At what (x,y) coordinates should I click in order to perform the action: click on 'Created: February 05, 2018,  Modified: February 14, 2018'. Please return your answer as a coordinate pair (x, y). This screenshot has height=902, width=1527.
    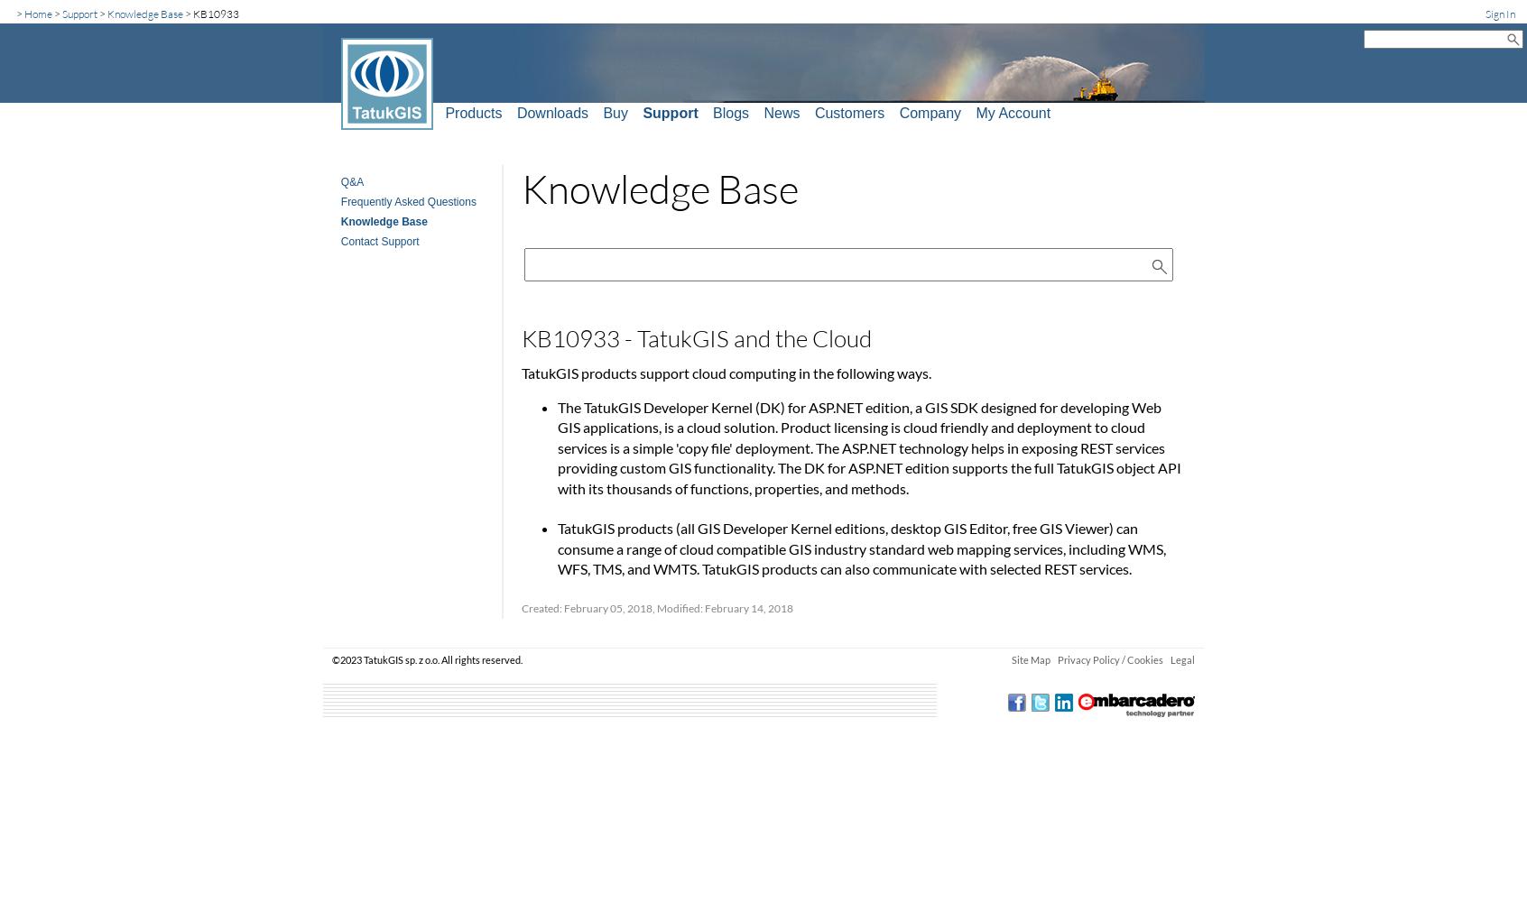
    Looking at the image, I should click on (656, 608).